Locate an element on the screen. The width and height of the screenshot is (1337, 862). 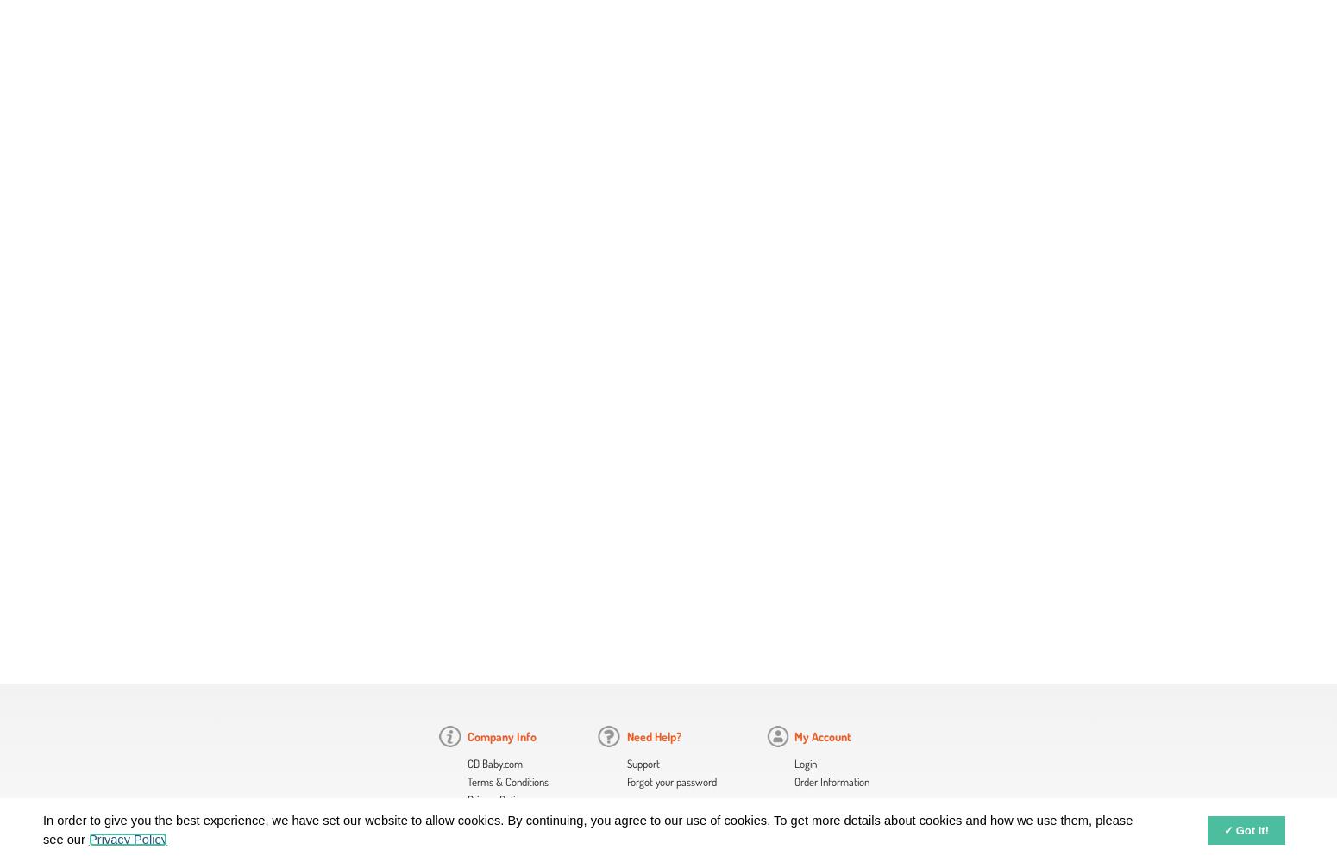
'Login' is located at coordinates (805, 764).